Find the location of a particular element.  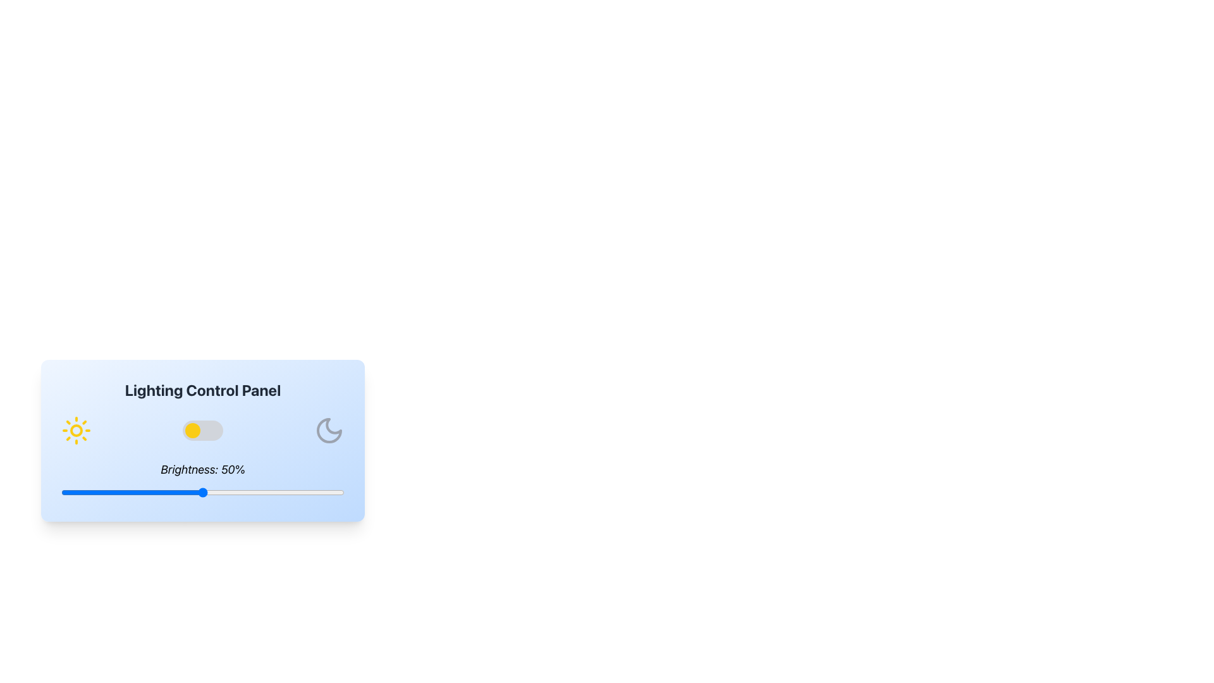

the brightness level is located at coordinates (159, 492).